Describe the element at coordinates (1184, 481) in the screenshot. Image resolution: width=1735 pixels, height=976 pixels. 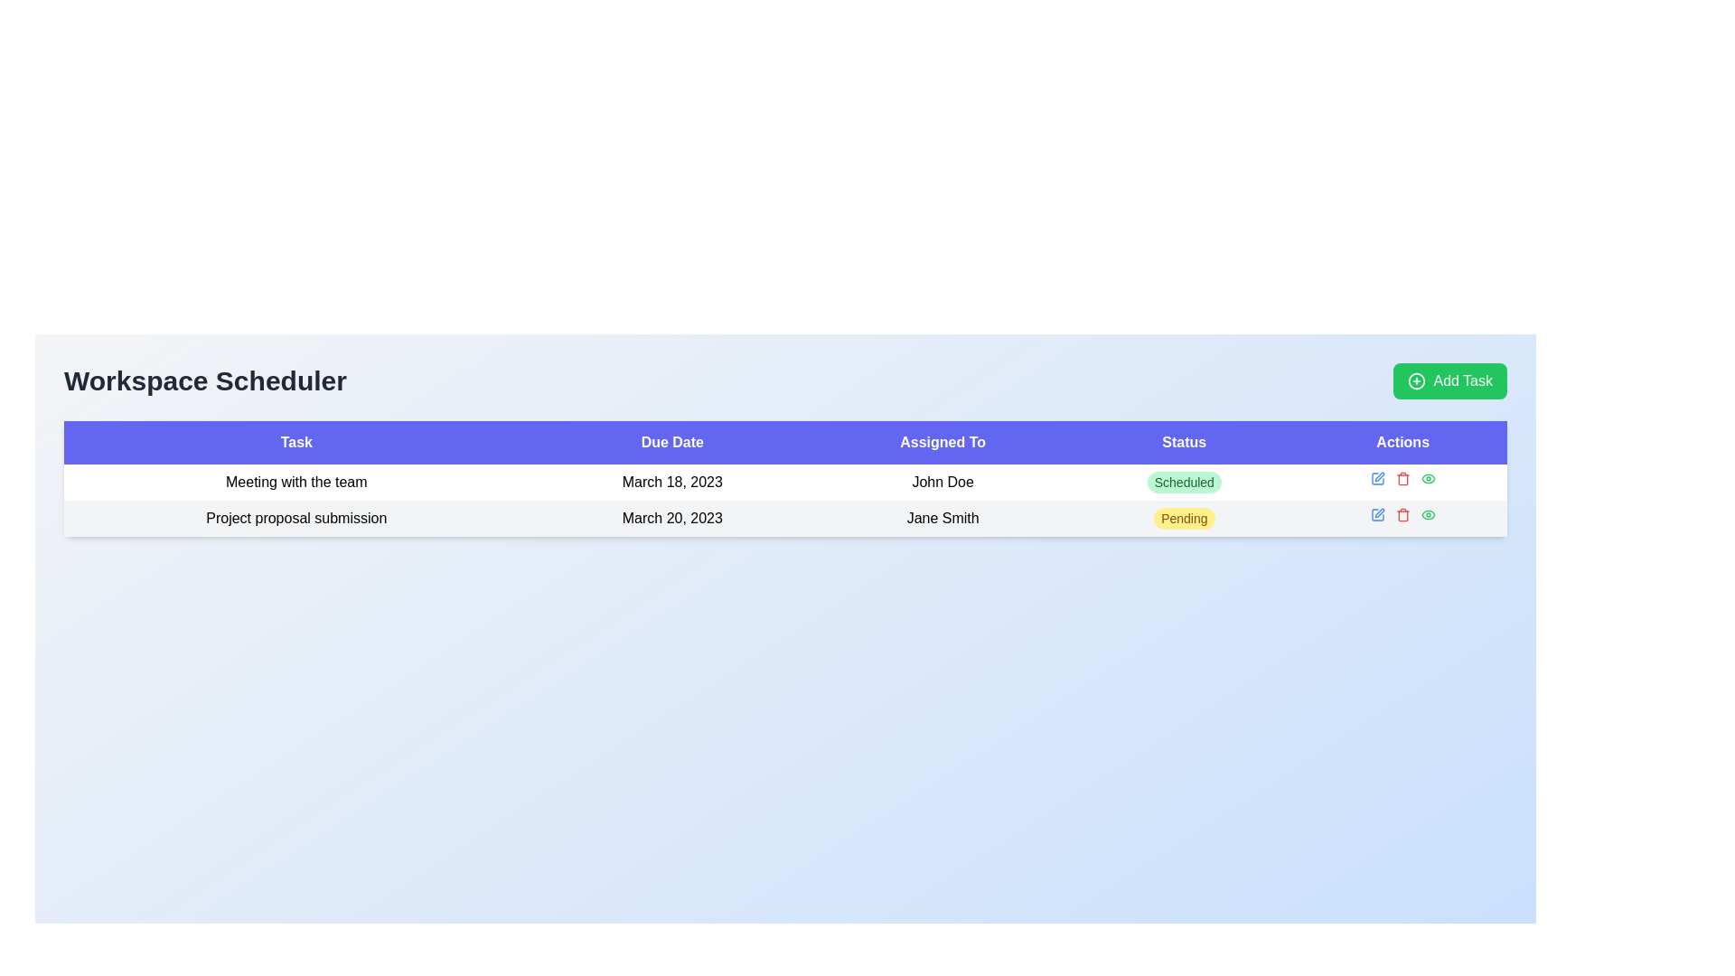
I see `the small badge-shaped label with the text 'Scheduled', which is located in the fourth column of the first row under the 'Status' header, associated with the 'Meeting with the team' task` at that location.